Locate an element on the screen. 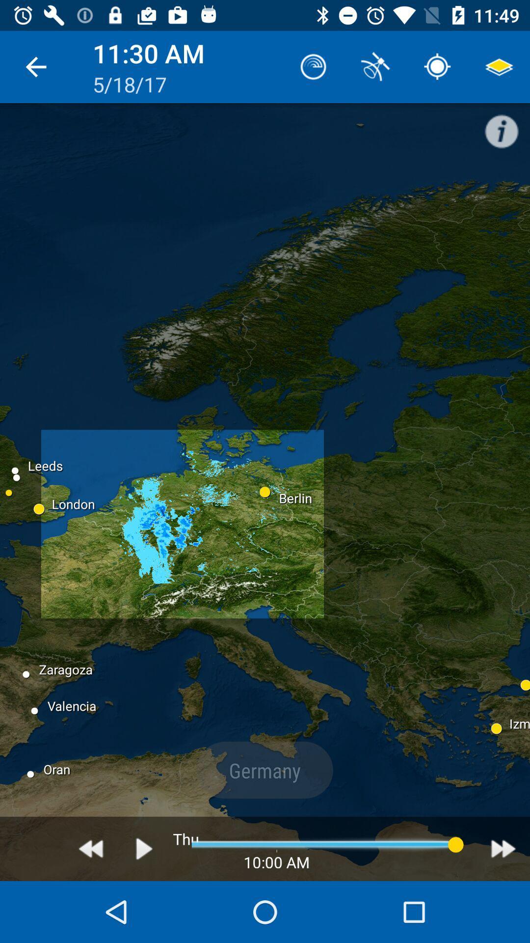  icon to the right of 11:30 am icon is located at coordinates (314, 66).